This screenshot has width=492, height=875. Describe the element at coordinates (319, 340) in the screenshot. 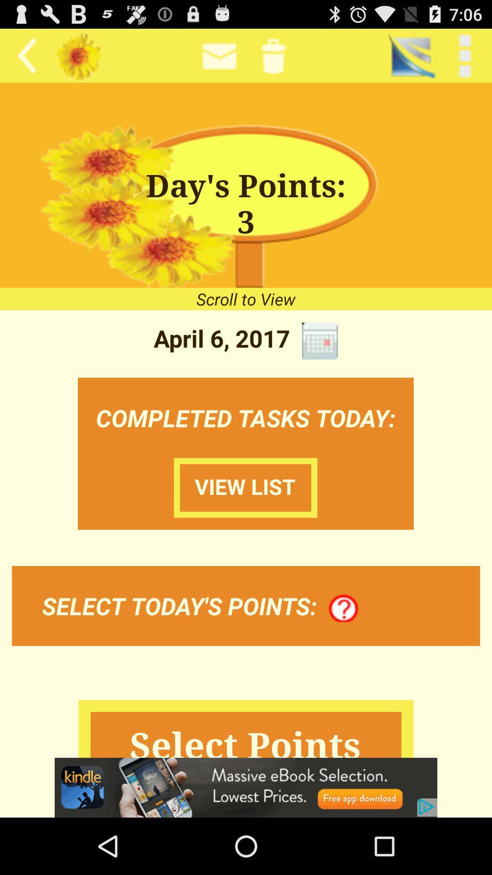

I see `icon below scroll to view icon` at that location.